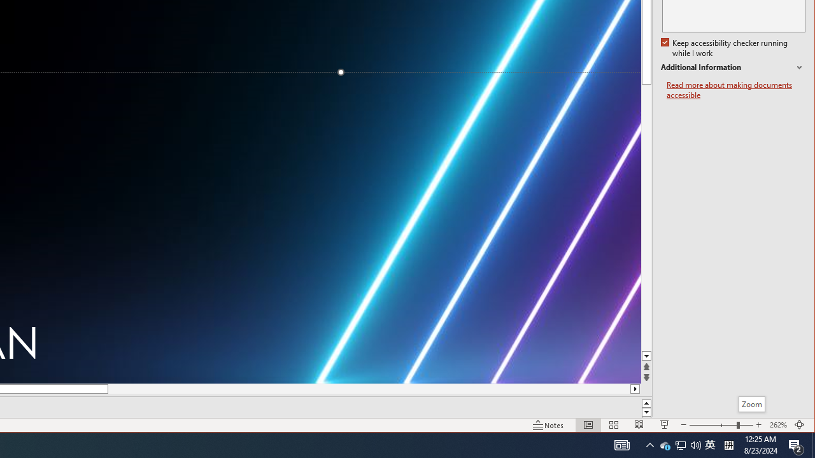 The image size is (815, 458). What do you see at coordinates (777, 425) in the screenshot?
I see `'Zoom 262%'` at bounding box center [777, 425].